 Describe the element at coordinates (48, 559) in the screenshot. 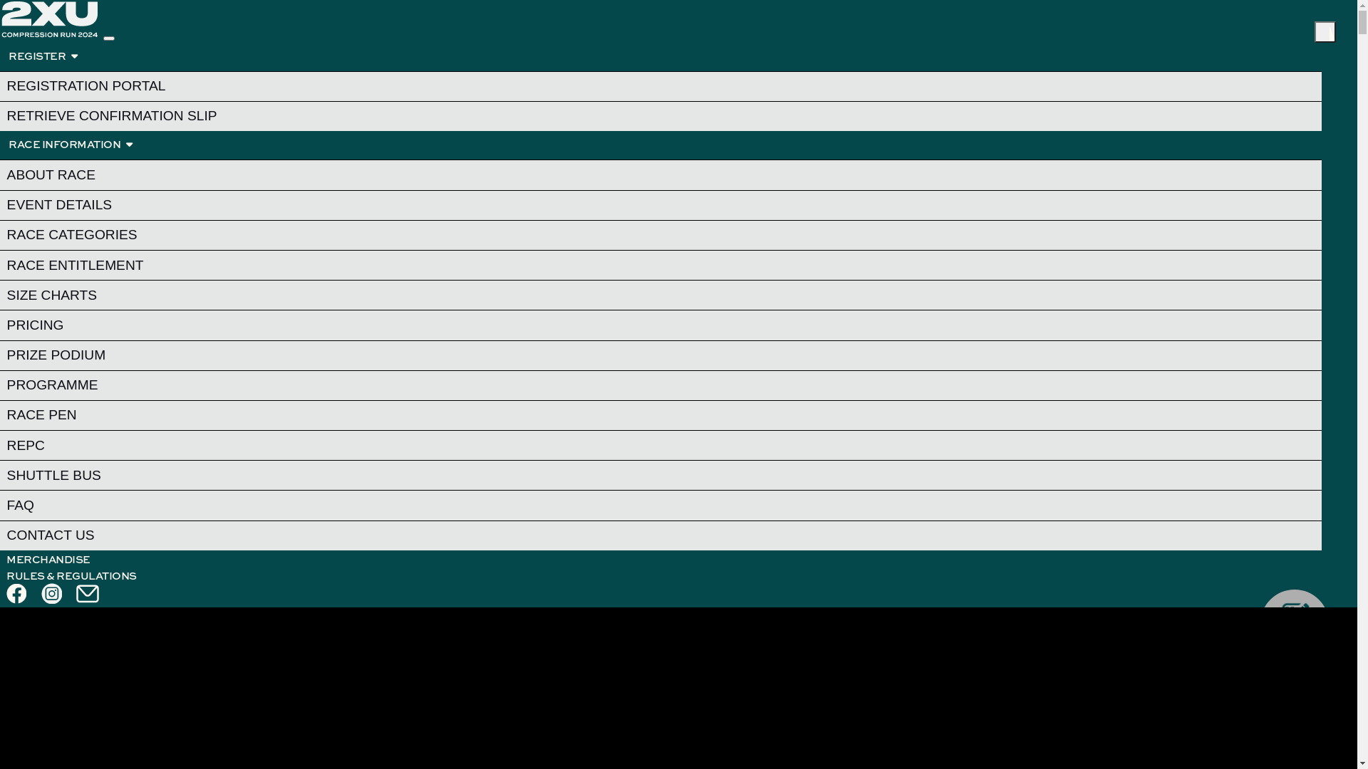

I see `'MERCHANDISE'` at that location.